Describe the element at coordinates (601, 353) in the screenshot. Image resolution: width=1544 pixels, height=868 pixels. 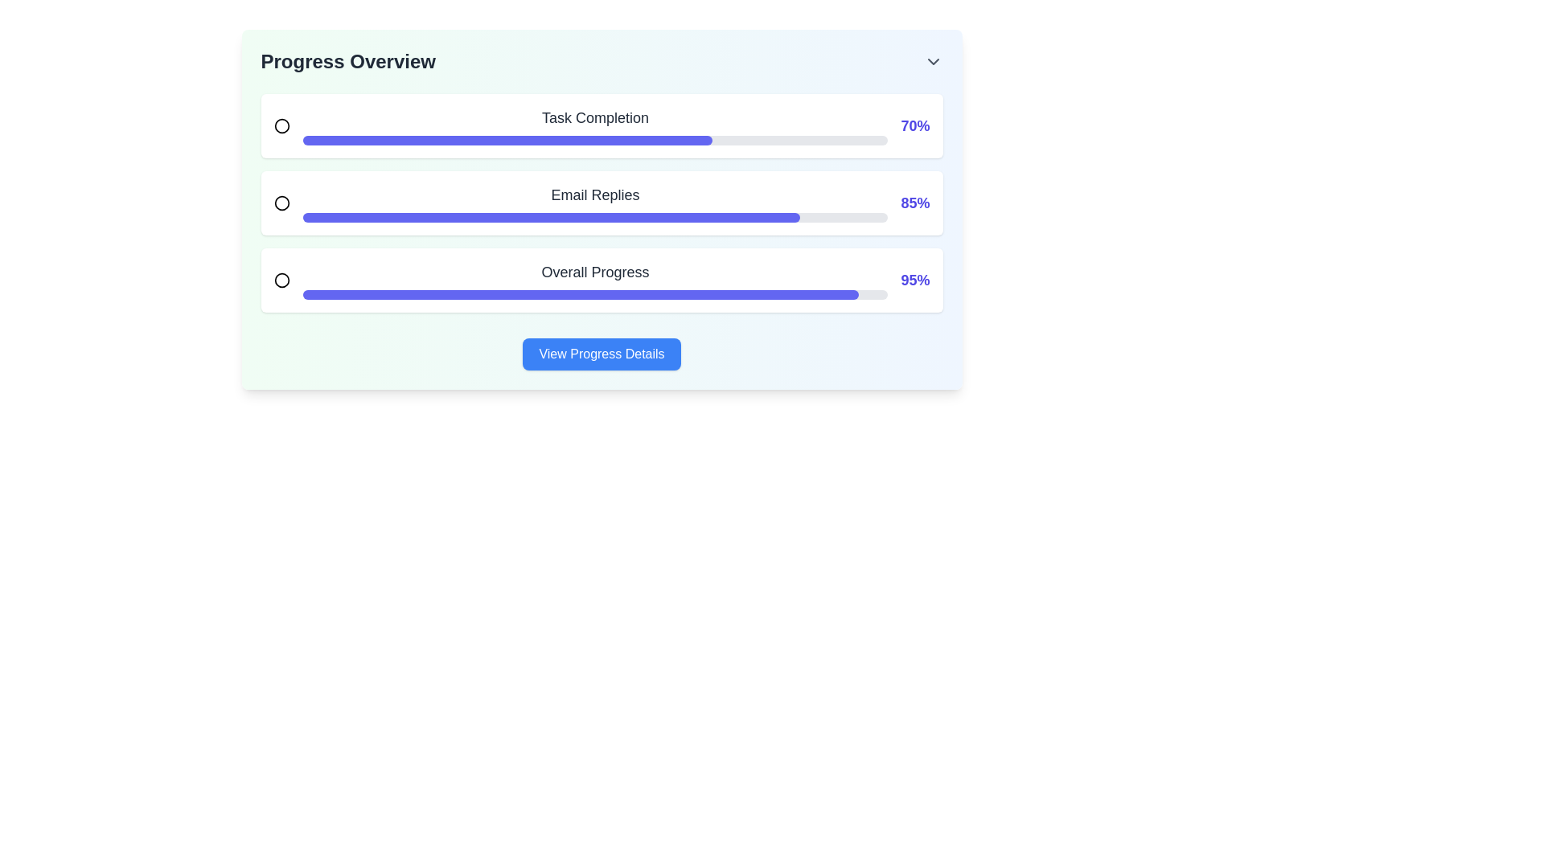
I see `the 'View Progress Details' button, which is a rectangular button with rounded corners and a vivid blue background` at that location.